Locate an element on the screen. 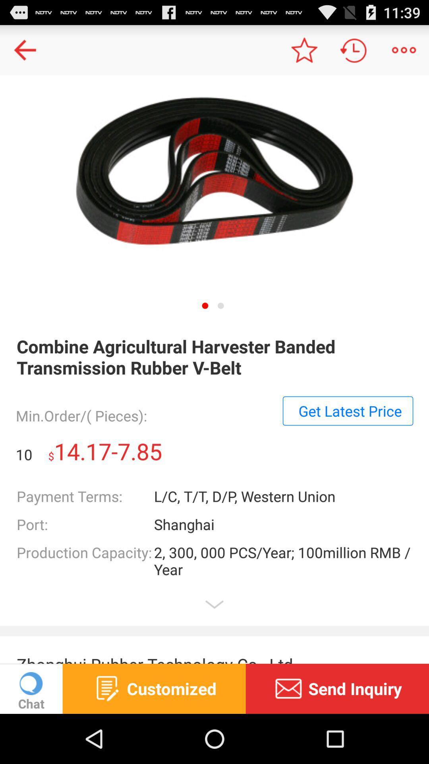 This screenshot has width=429, height=764. the text below minorderpieces is located at coordinates (347, 411).